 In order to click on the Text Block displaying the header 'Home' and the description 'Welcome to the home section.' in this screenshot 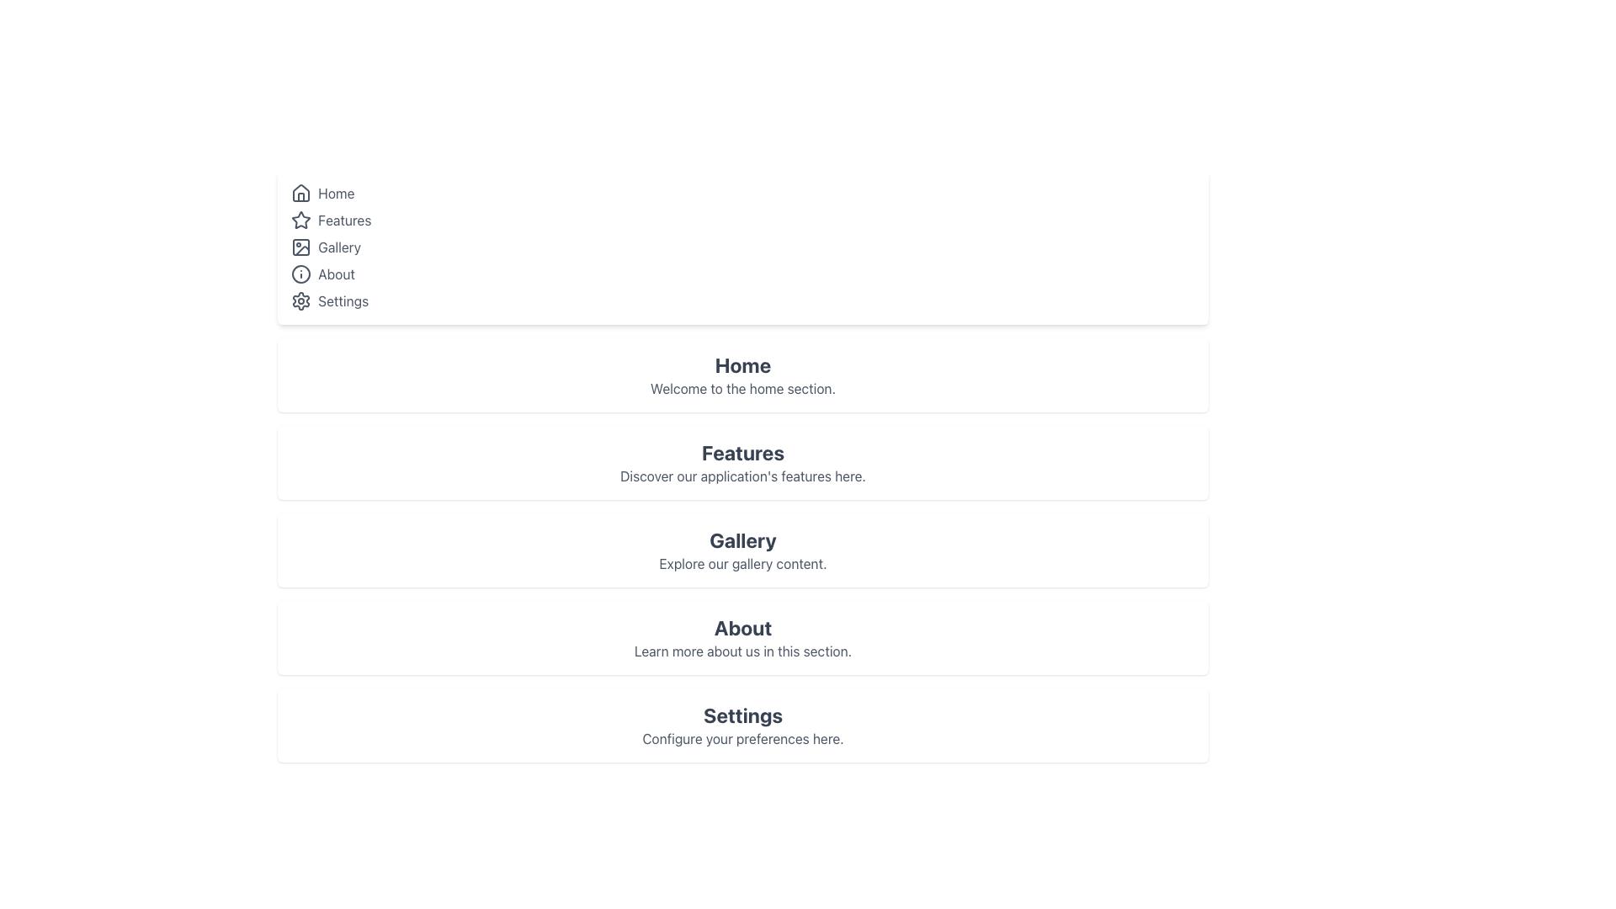, I will do `click(742, 375)`.